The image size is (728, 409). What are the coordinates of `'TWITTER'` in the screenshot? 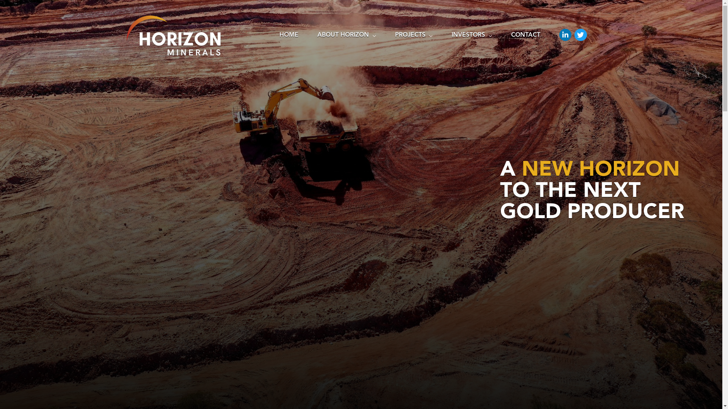 It's located at (574, 35).